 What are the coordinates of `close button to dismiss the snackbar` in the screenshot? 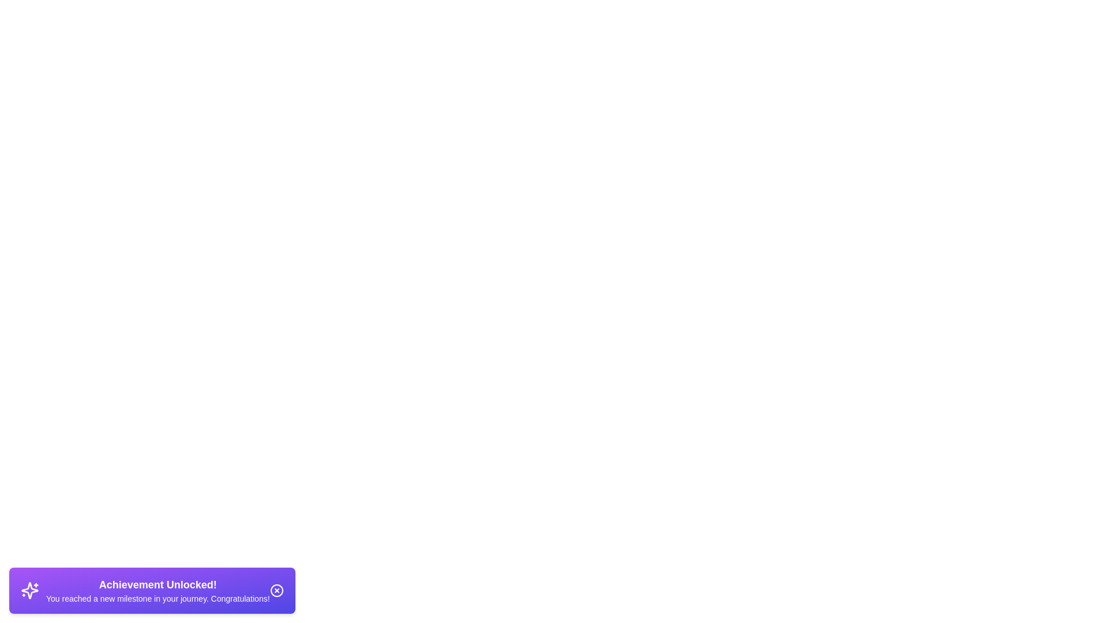 It's located at (276, 590).